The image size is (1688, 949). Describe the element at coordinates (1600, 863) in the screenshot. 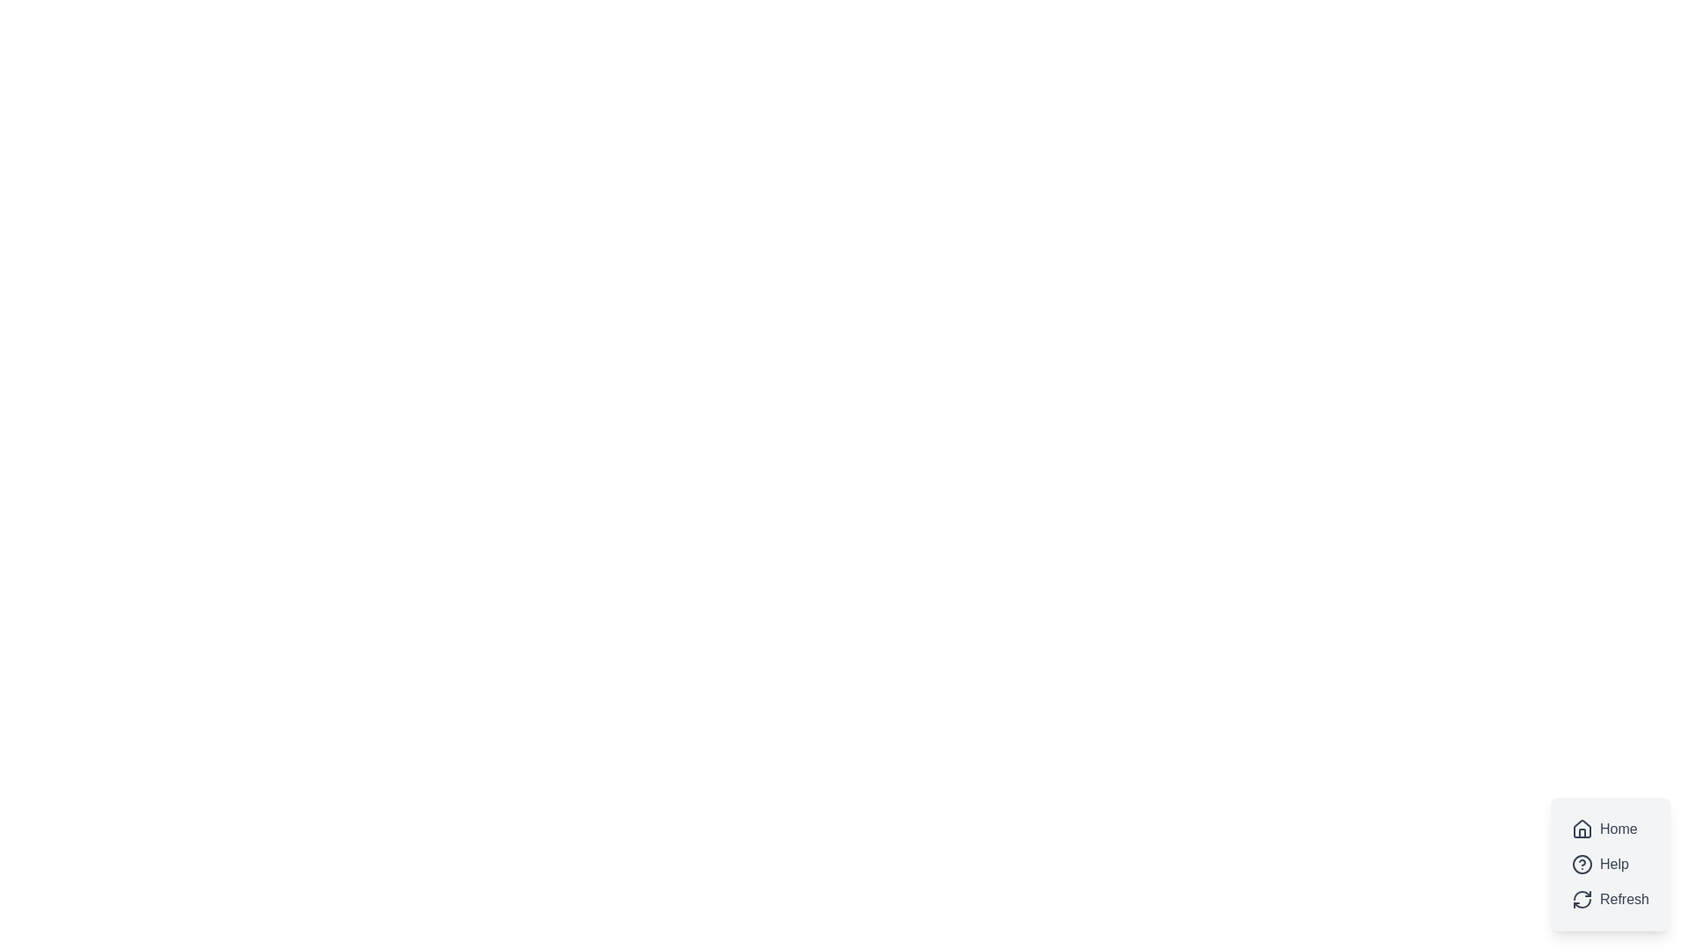

I see `the 'Help' button, which is the second button in a vertical group of three buttons` at that location.